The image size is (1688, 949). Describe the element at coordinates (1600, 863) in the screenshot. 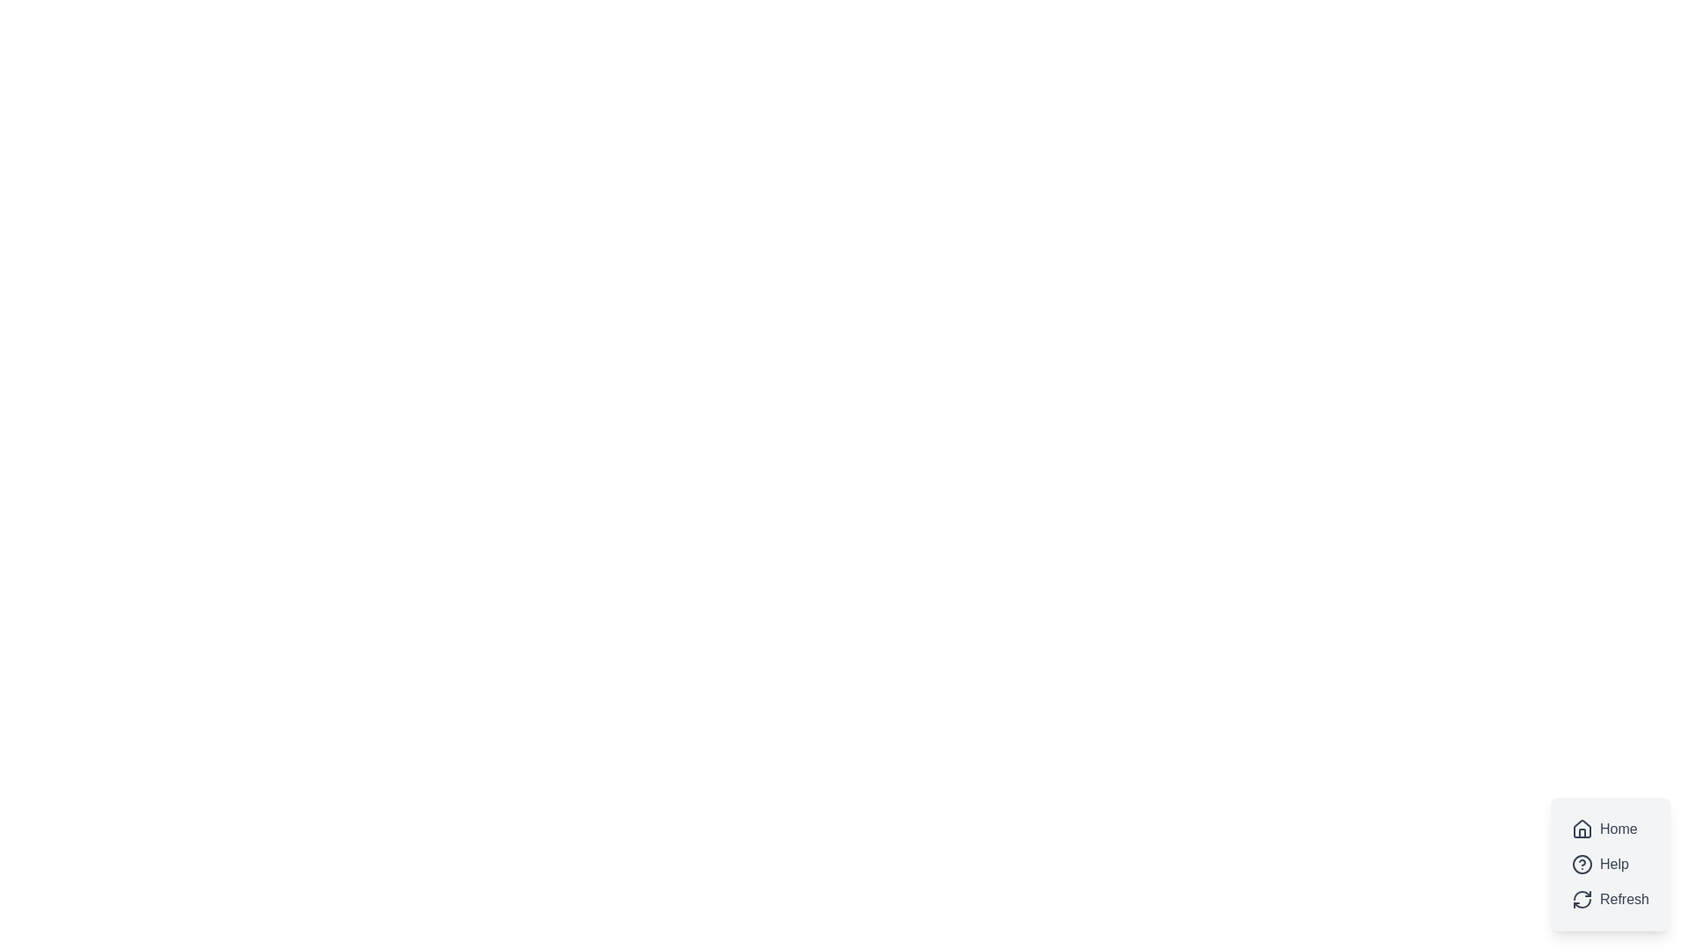

I see `the 'Help' button, which is the second button in a vertical group of three buttons` at that location.